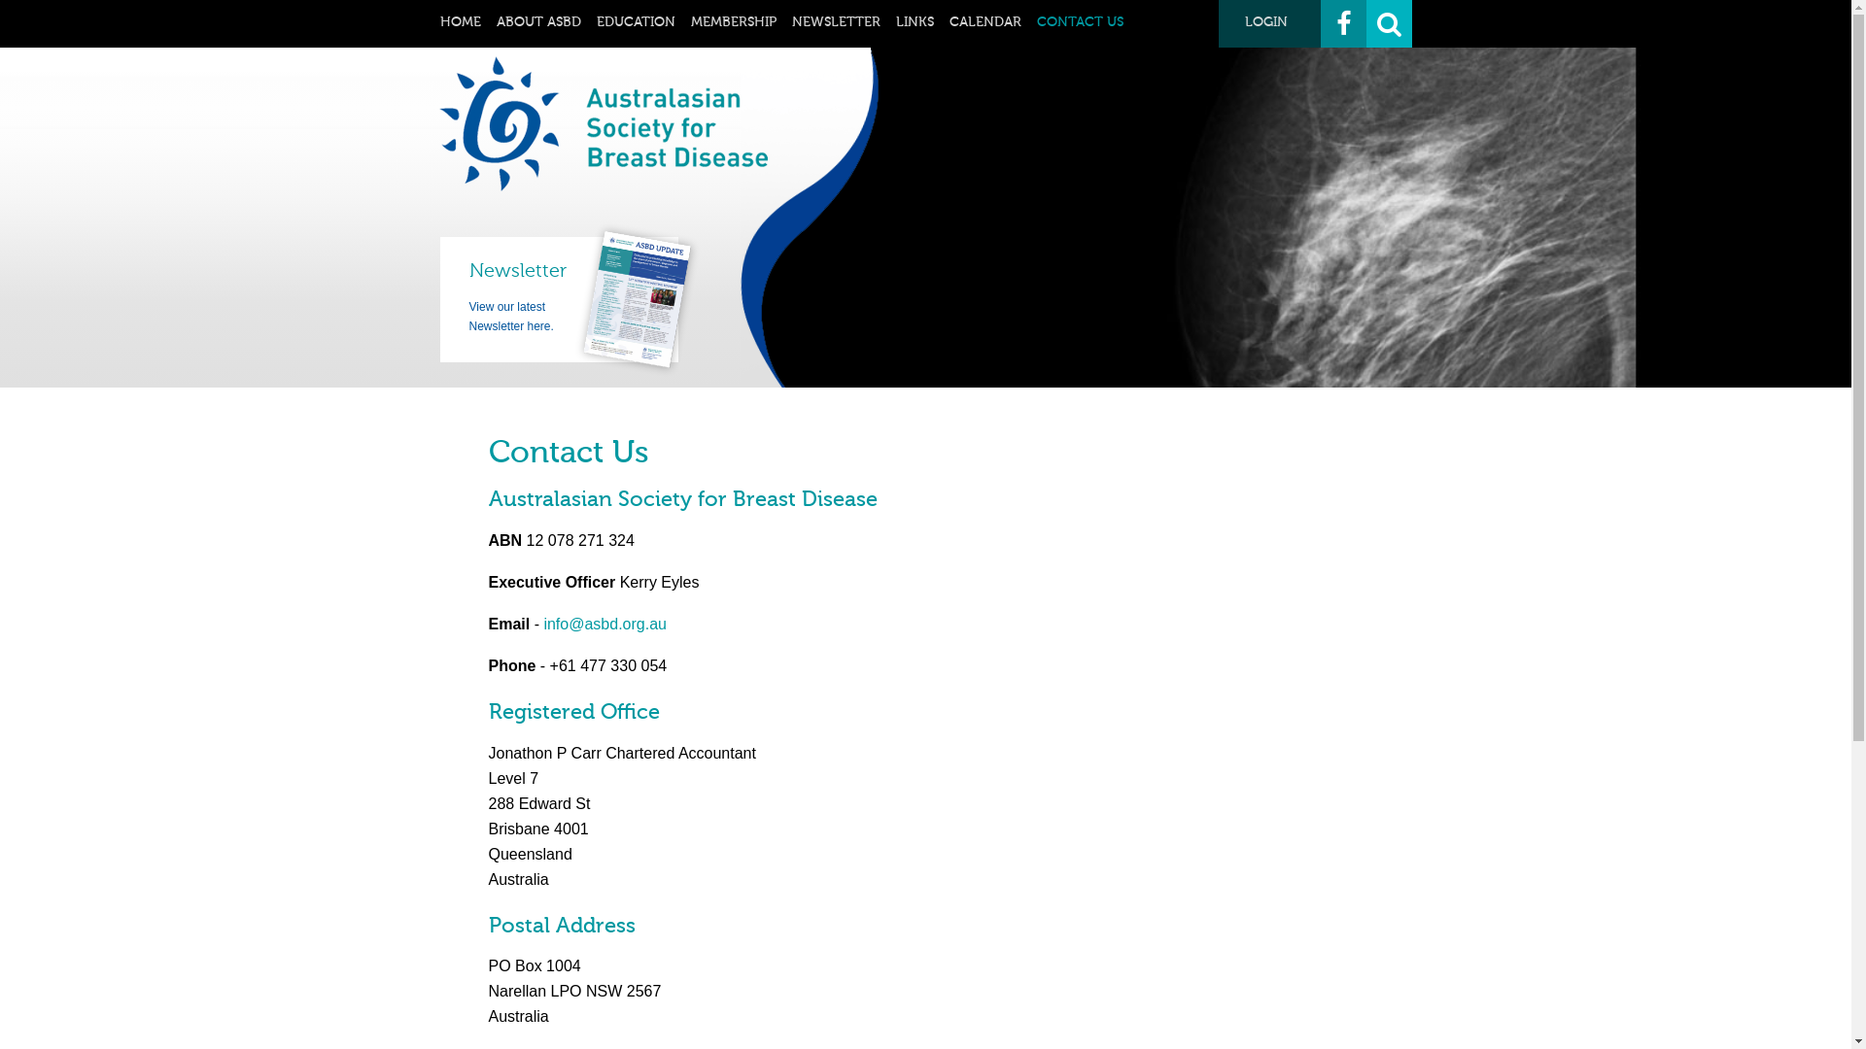 The width and height of the screenshot is (1866, 1049). I want to click on 'info@asbd.org.au', so click(604, 624).